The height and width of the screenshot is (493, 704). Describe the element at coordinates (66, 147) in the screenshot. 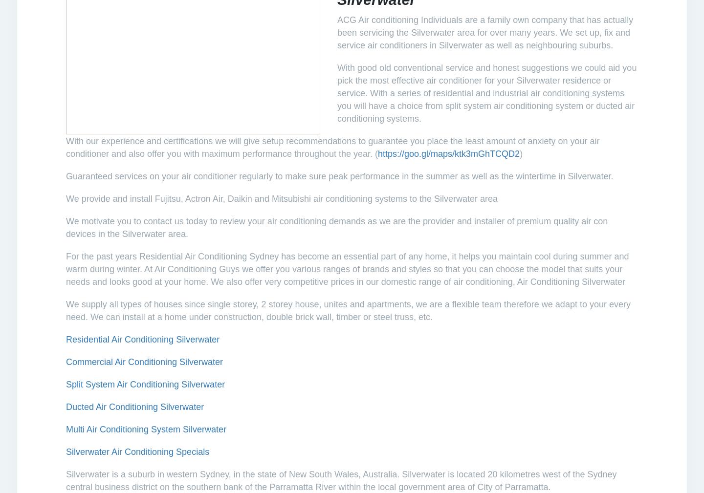

I see `'With our experience and certifications we will give setup recommendations to guarantee you place the least amount of anxiety on your air conditioner and also offer you with maximum performance throughout the year. ('` at that location.